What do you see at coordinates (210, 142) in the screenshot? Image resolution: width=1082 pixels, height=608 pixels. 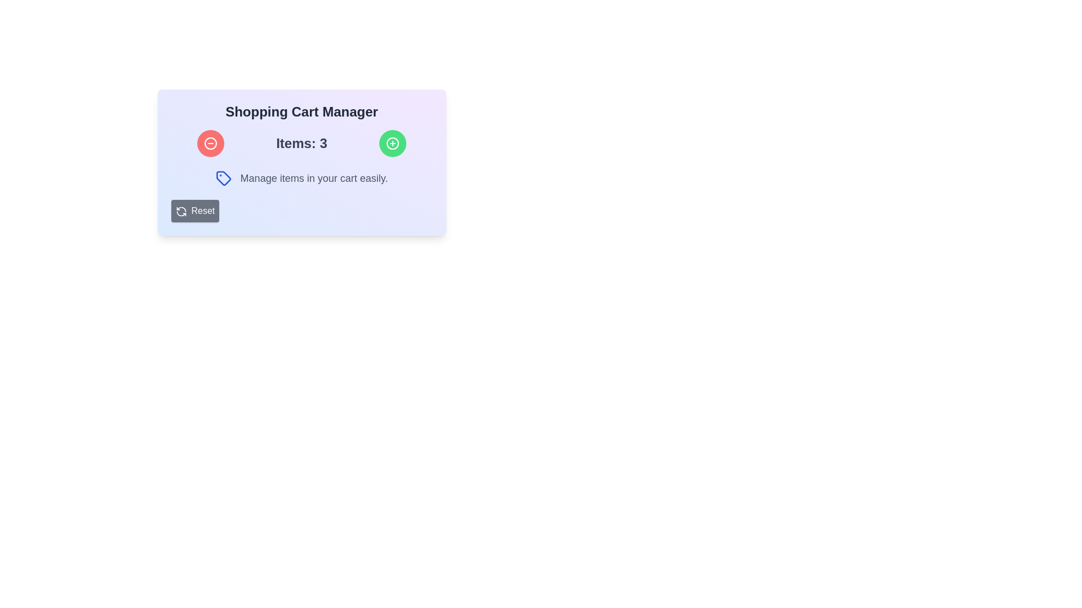 I see `the 'decrease' or 'remove' icon embedded within the red circular button on the left side of the 'Shopping Cart Manager' card, adjacent to the text 'Items: 3'` at bounding box center [210, 142].